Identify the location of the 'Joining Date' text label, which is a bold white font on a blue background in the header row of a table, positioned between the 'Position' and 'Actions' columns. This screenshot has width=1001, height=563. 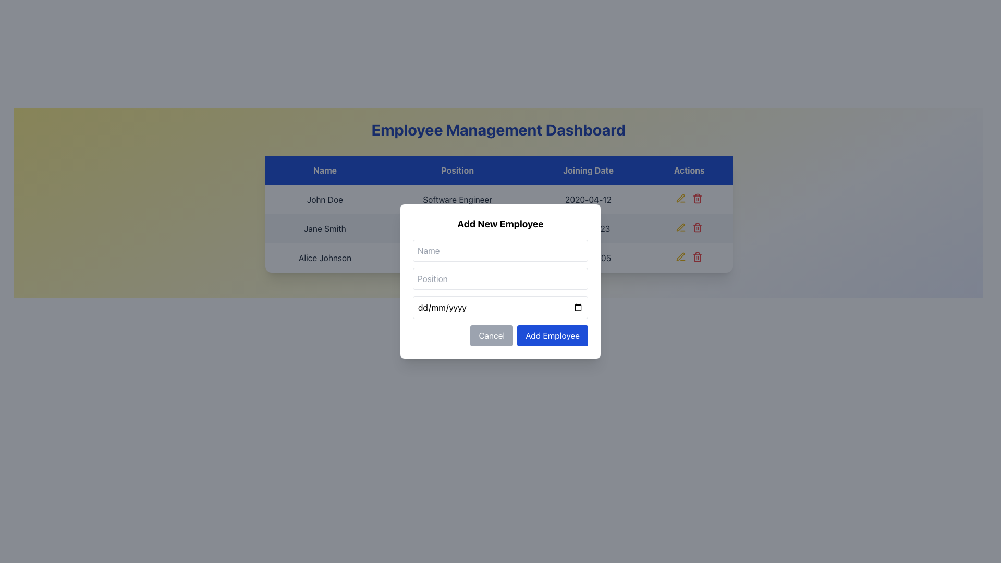
(588, 170).